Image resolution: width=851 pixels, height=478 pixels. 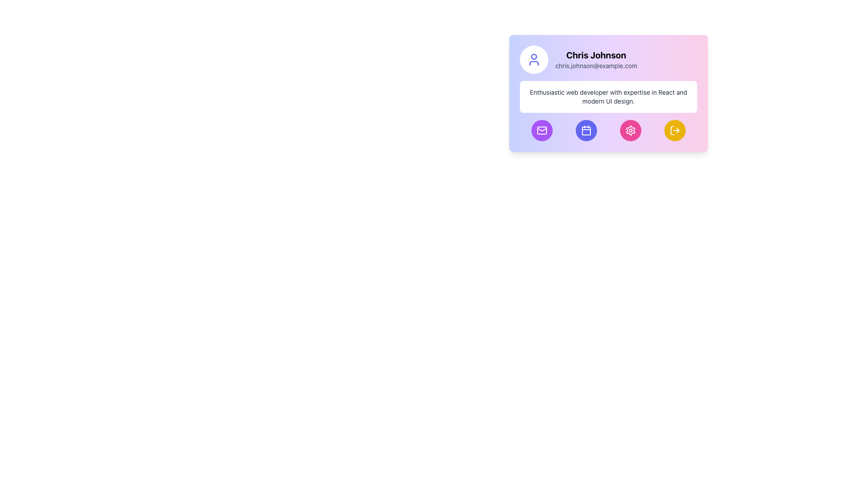 I want to click on the logout icon located at the lower row of the card interface, rightmost position, to initiate the logout process, so click(x=672, y=130).